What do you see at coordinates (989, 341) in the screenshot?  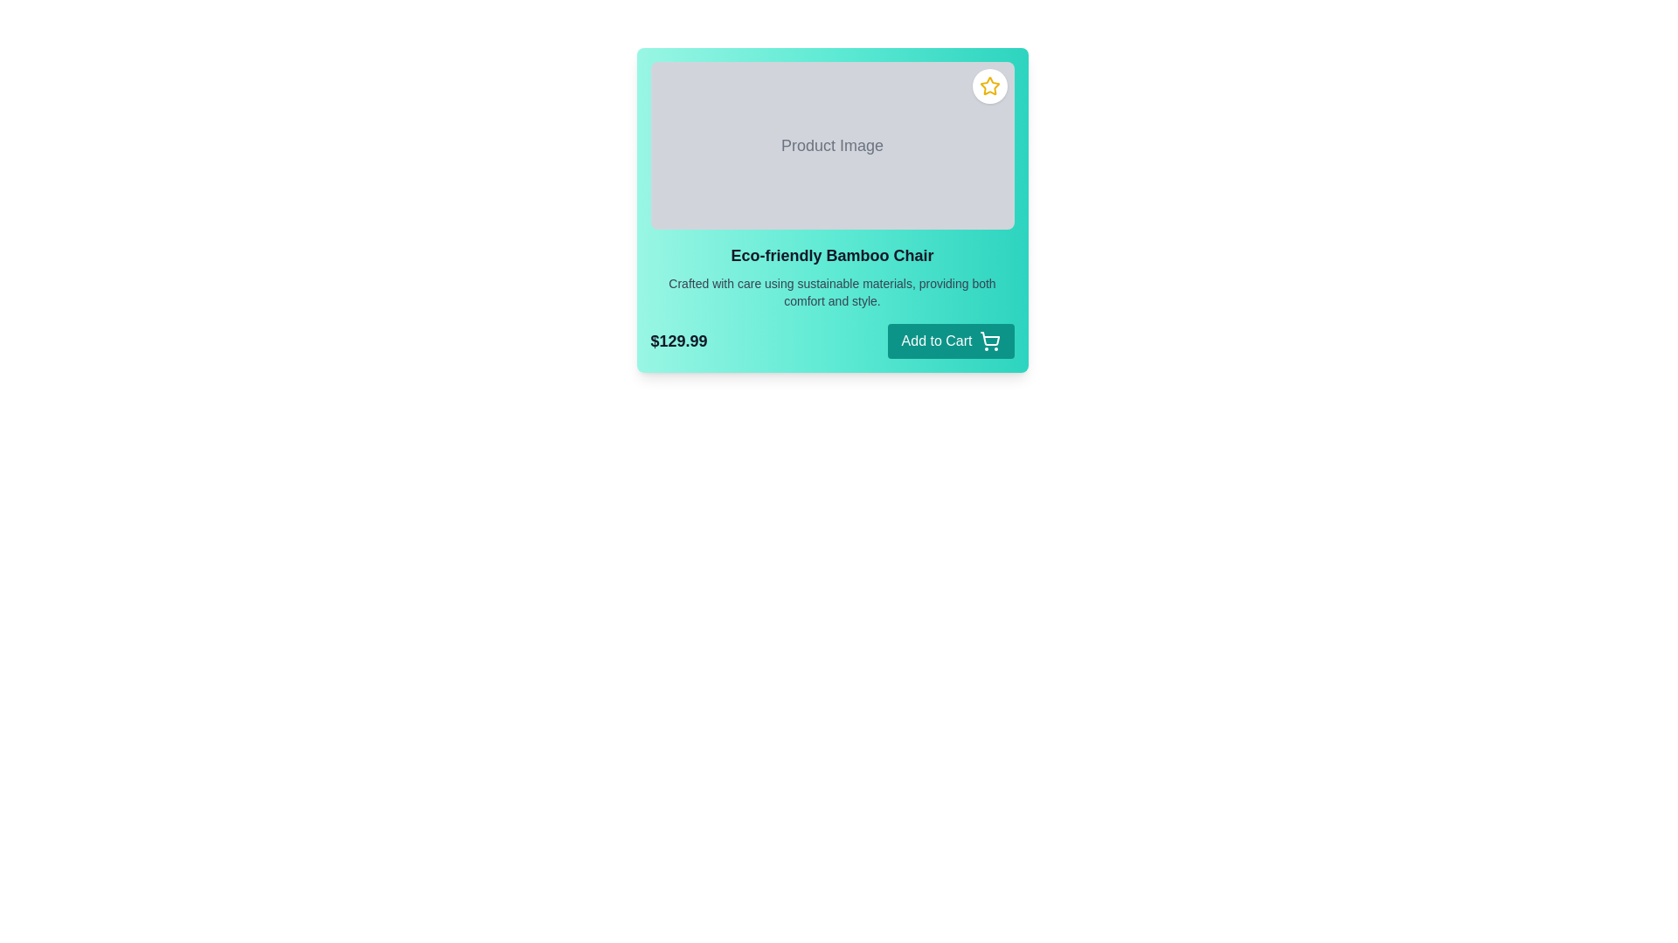 I see `the shopping cart icon located within the 'Add to Cart' button at the bottom-right section of the card interface` at bounding box center [989, 341].